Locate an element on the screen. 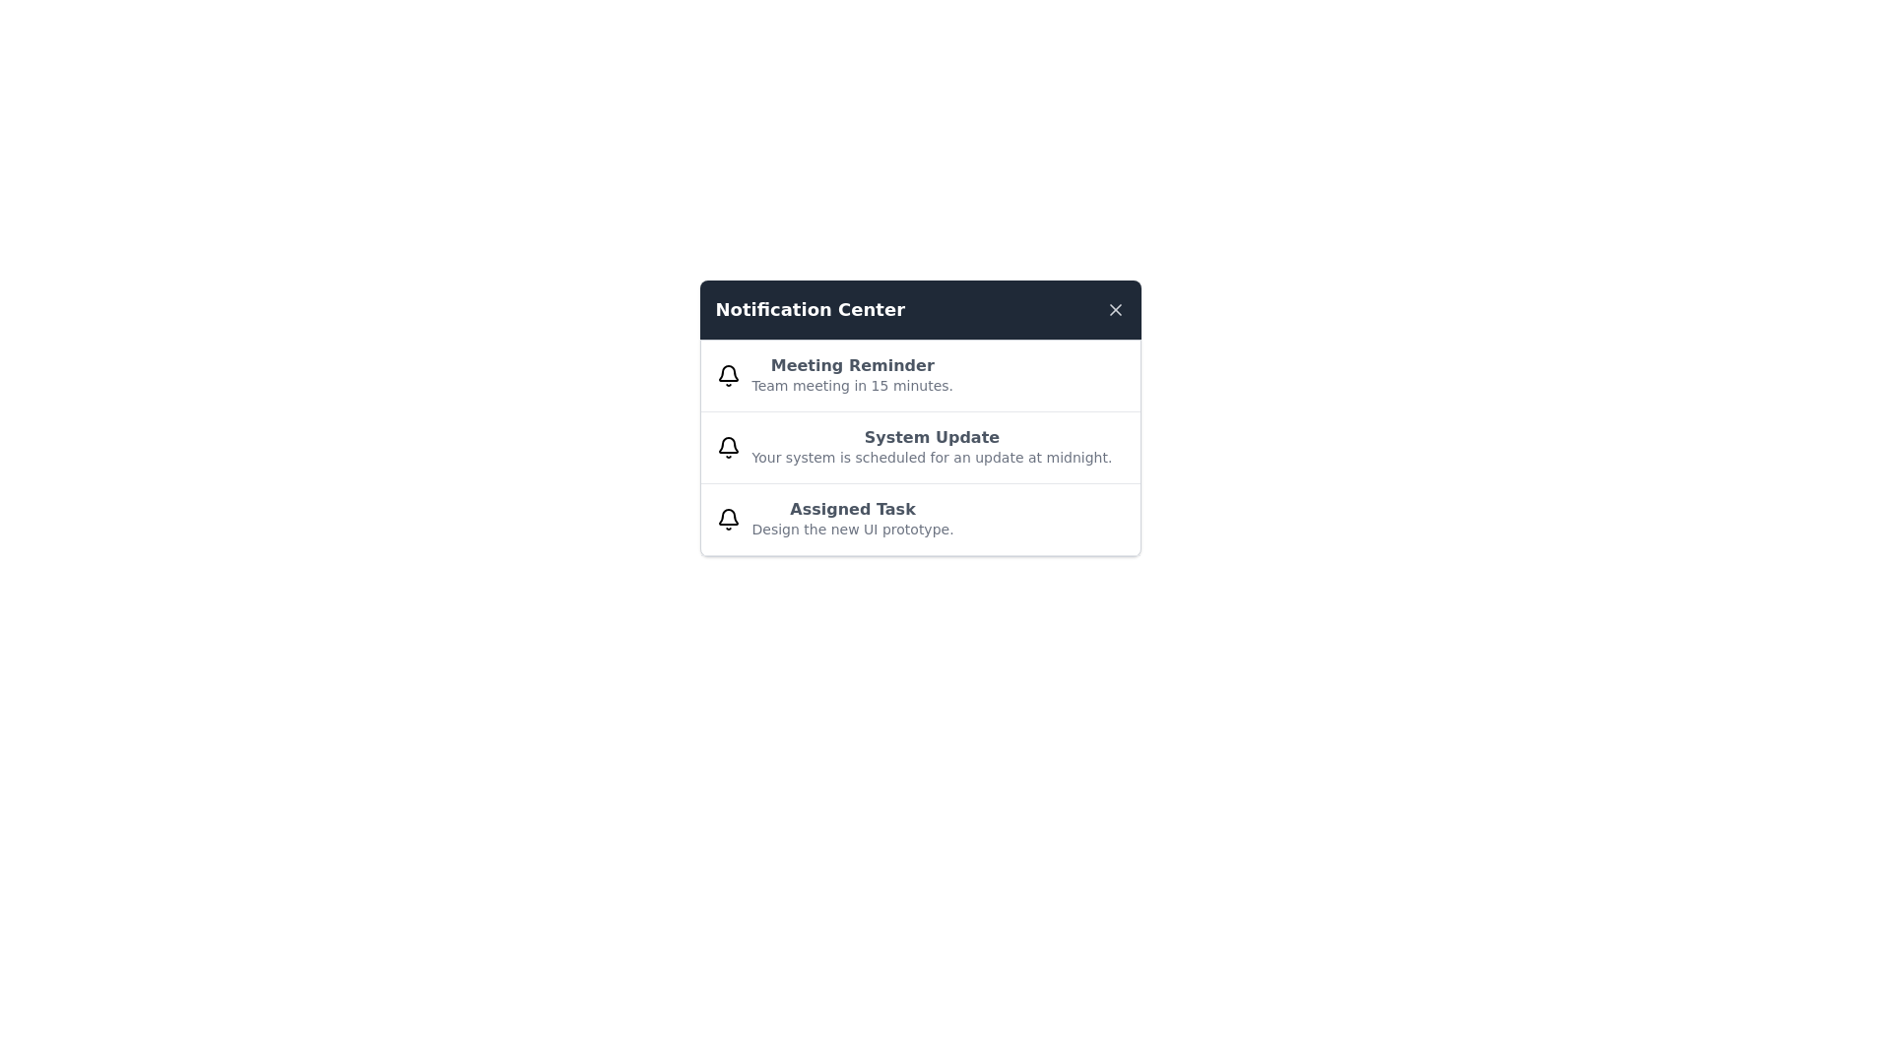  the Text Label providing additional details to the 'Meeting Reminder' notification, which is located beneath the heading 'Meeting Reminder' in the first notification slot of the Notification Center is located at coordinates (852, 386).